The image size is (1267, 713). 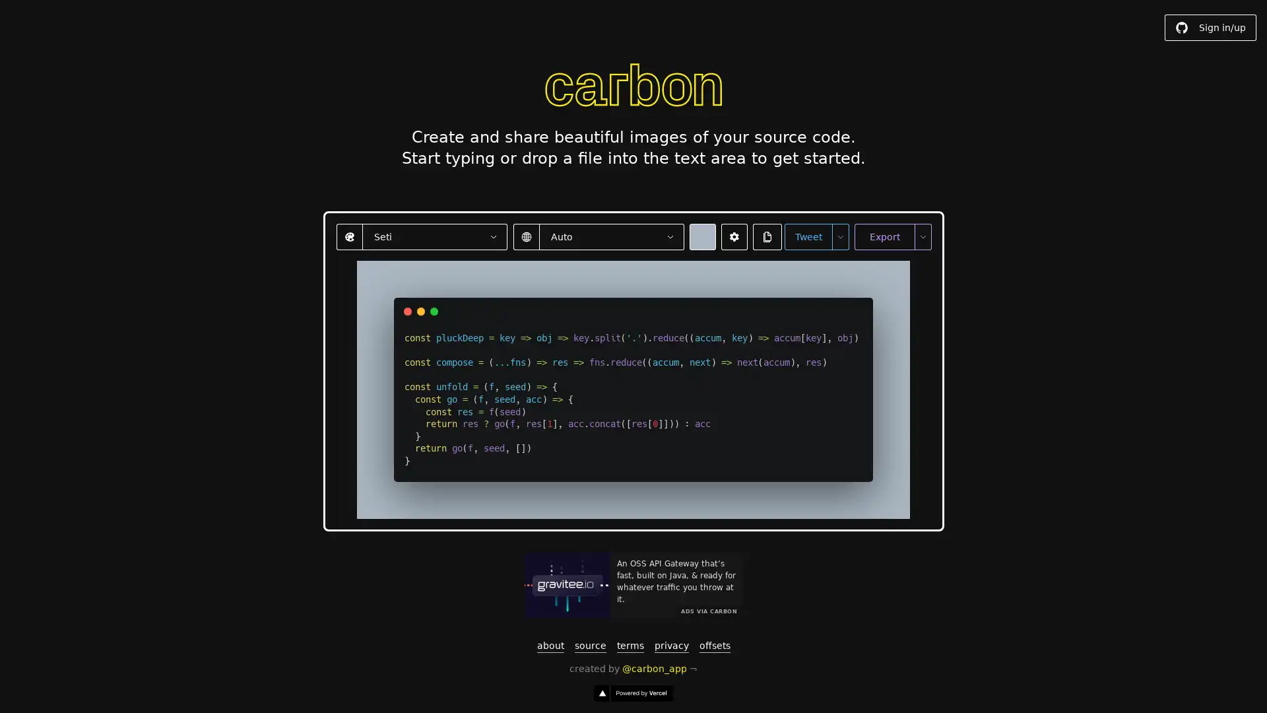 What do you see at coordinates (767, 236) in the screenshot?
I see `Copy menu` at bounding box center [767, 236].